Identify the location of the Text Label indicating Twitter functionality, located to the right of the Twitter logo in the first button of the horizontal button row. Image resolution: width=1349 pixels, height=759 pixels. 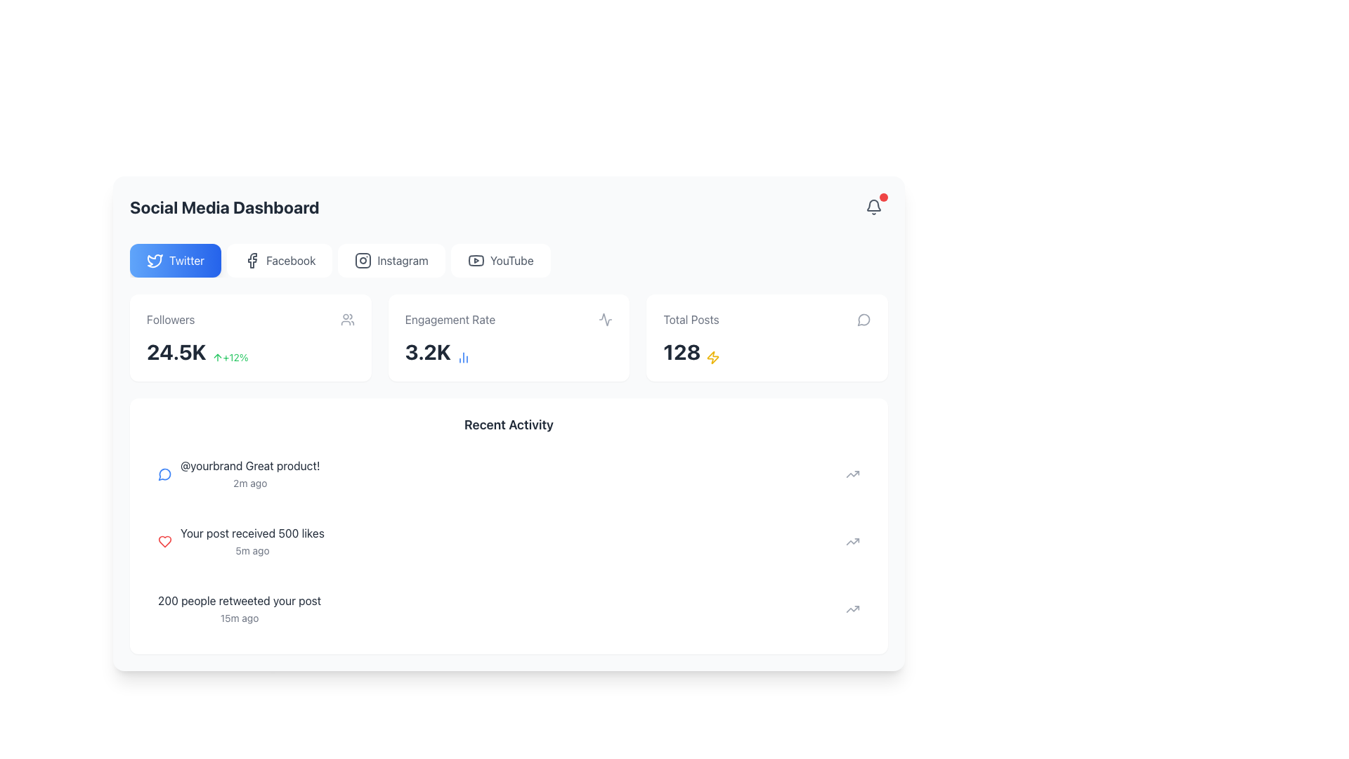
(186, 260).